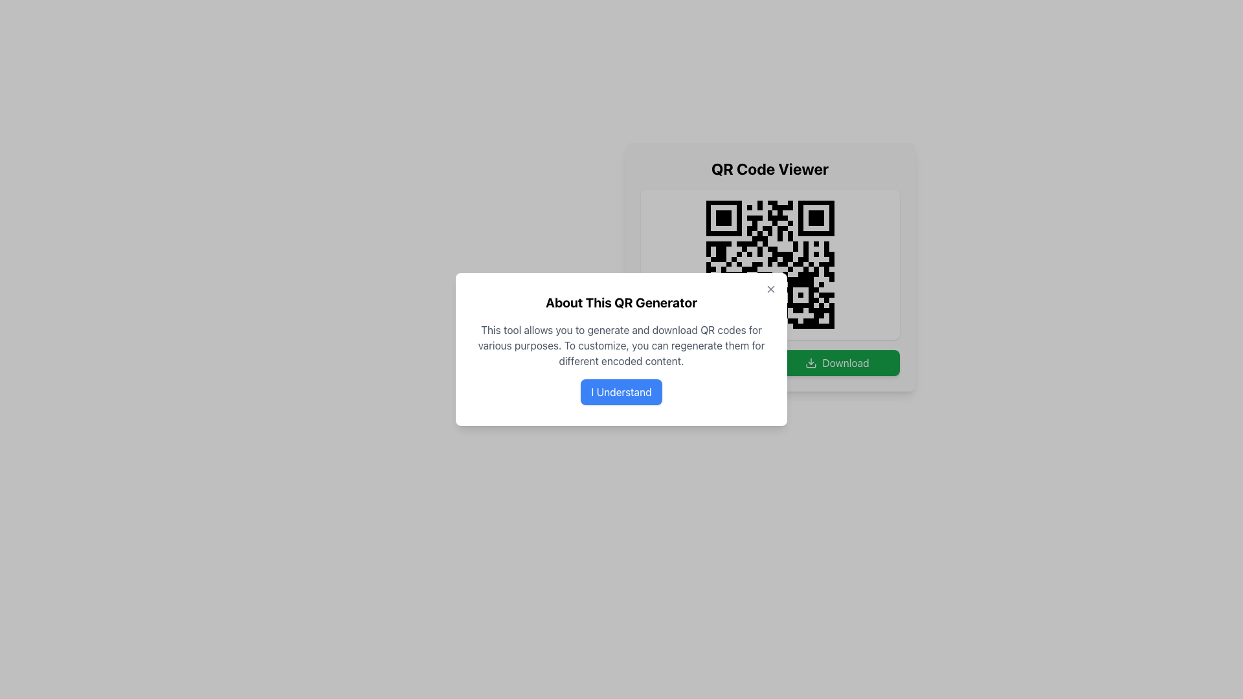  What do you see at coordinates (770, 289) in the screenshot?
I see `the 'X' icon close button located in the top-right corner of the modal dialog` at bounding box center [770, 289].